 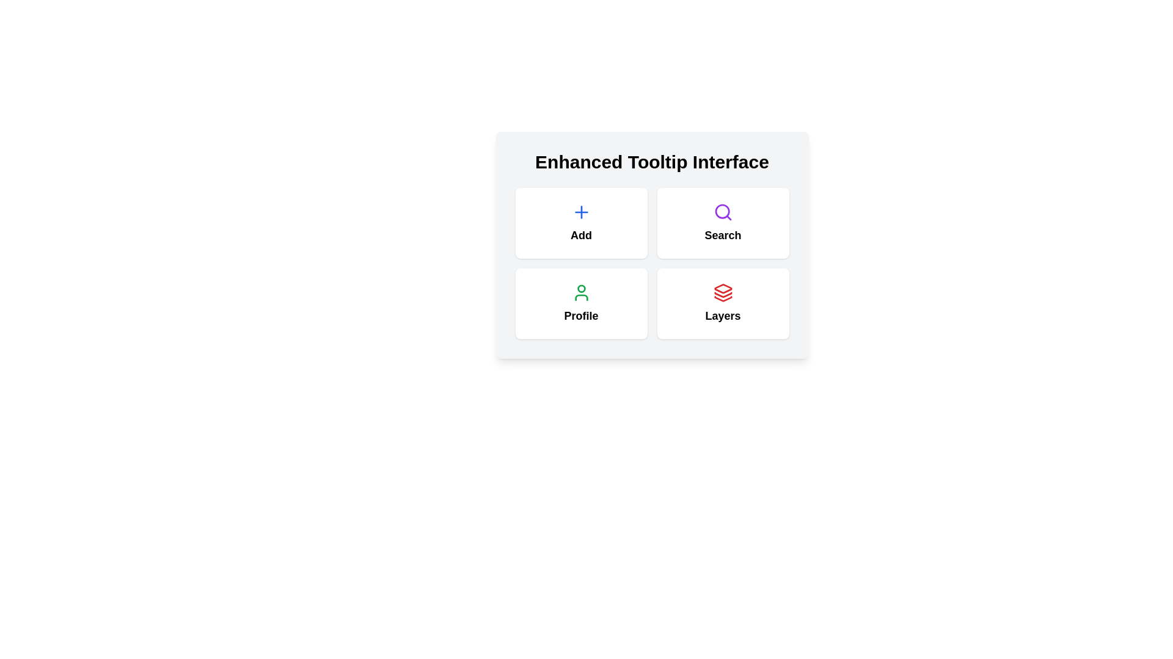 What do you see at coordinates (723, 292) in the screenshot?
I see `the 'Layers' icon located in the bottom-right corner of the grid, which visually indicates the 'Layers' functionality` at bounding box center [723, 292].